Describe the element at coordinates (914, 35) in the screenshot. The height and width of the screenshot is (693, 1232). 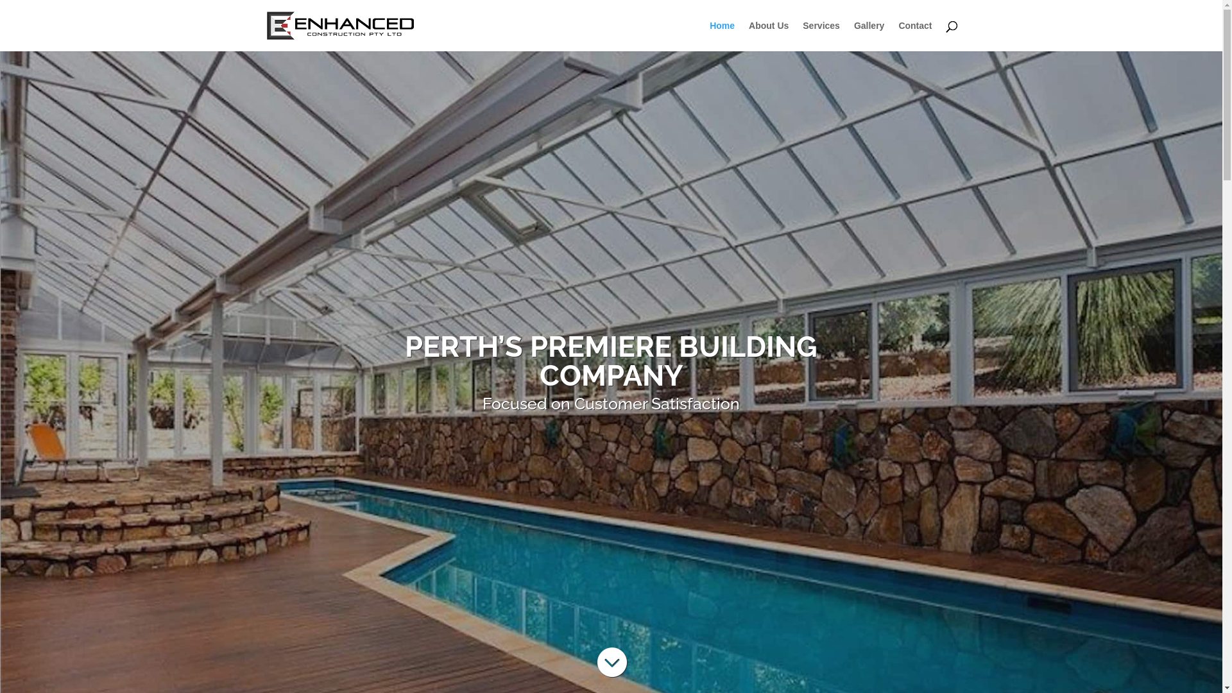
I see `'Contact'` at that location.